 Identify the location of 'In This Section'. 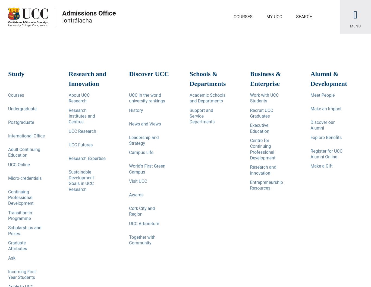
(8, 95).